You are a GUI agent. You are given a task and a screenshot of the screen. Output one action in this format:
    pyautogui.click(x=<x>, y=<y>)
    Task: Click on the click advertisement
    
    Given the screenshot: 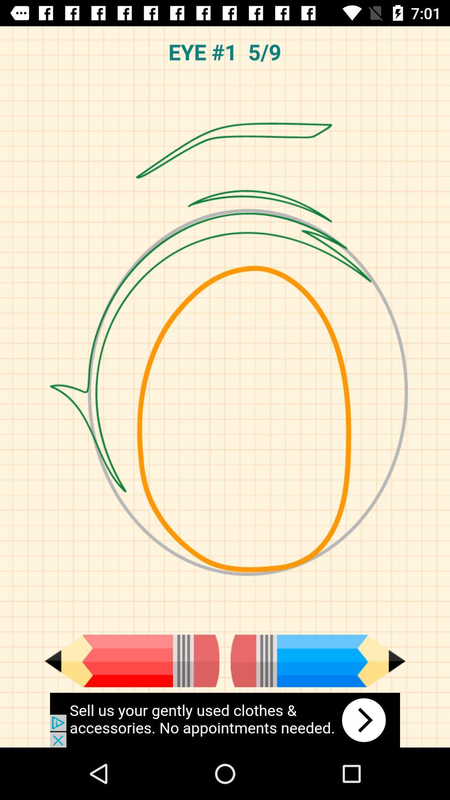 What is the action you would take?
    pyautogui.click(x=225, y=720)
    